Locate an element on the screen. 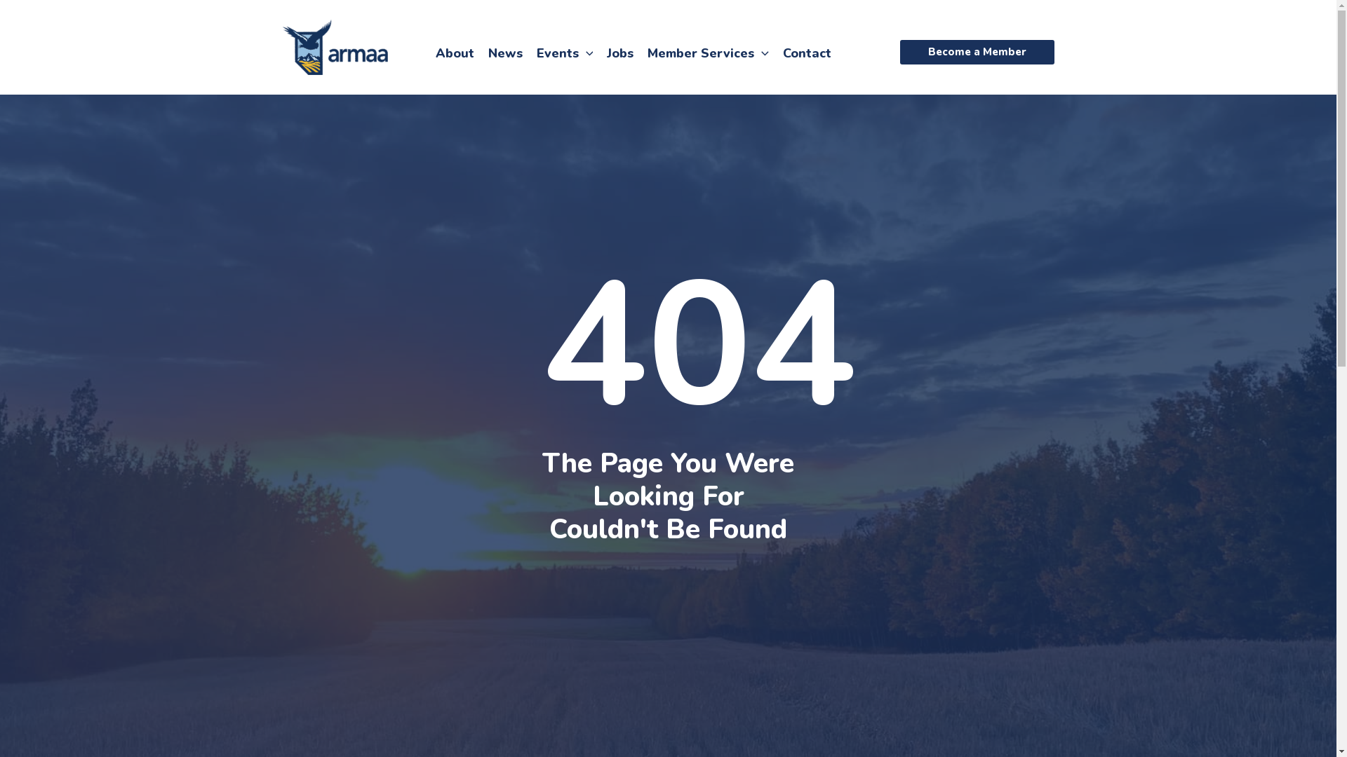  'News' is located at coordinates (505, 51).